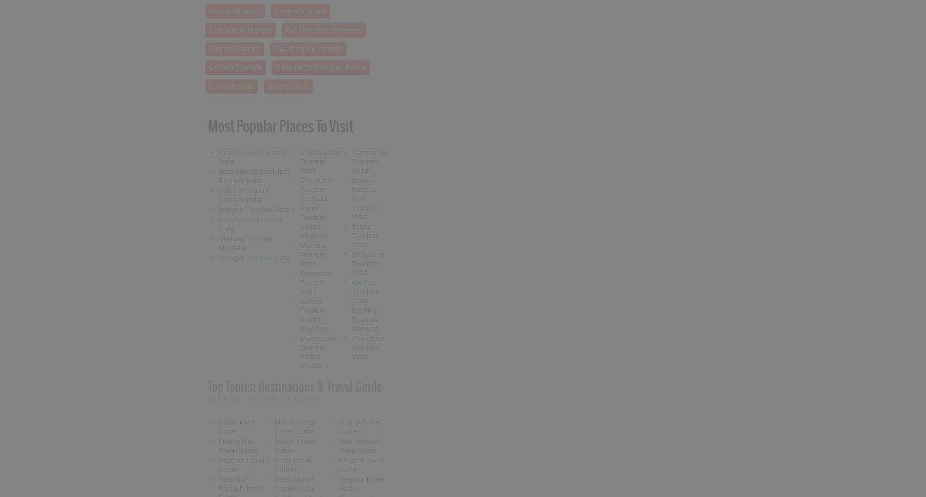  What do you see at coordinates (294, 426) in the screenshot?
I see `'Maharashtra Travel Guide'` at bounding box center [294, 426].